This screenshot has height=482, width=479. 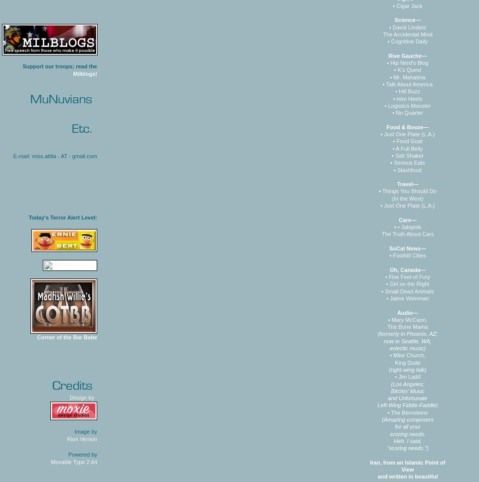 I want to click on 'Hire Heels', so click(x=409, y=98).